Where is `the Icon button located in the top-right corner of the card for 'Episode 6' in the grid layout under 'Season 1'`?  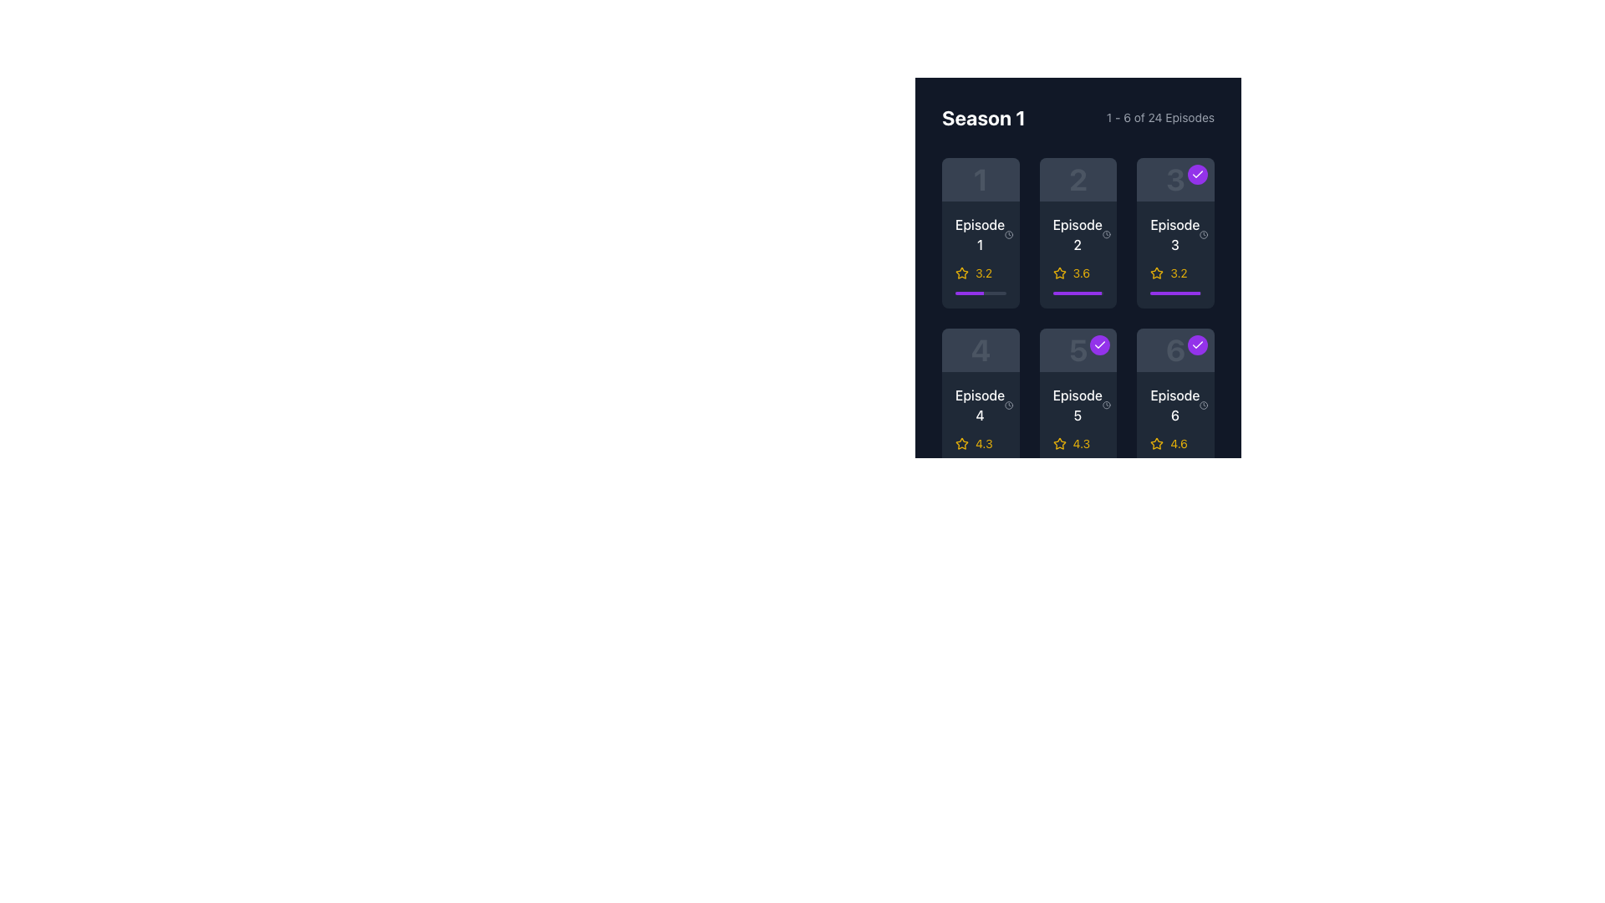 the Icon button located in the top-right corner of the card for 'Episode 6' in the grid layout under 'Season 1' is located at coordinates (1196, 344).